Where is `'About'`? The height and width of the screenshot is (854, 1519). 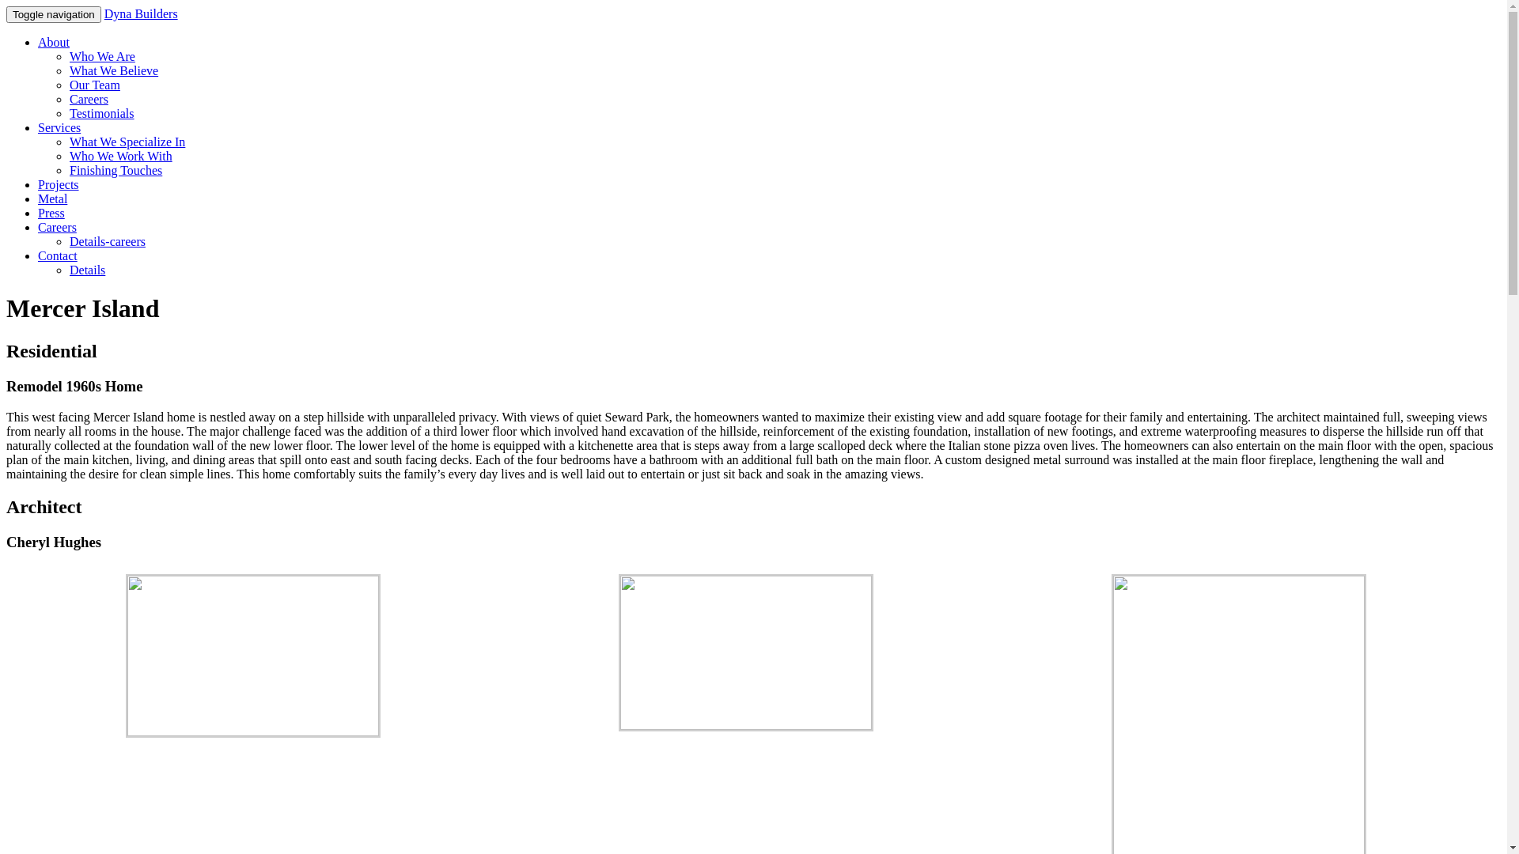 'About' is located at coordinates (53, 41).